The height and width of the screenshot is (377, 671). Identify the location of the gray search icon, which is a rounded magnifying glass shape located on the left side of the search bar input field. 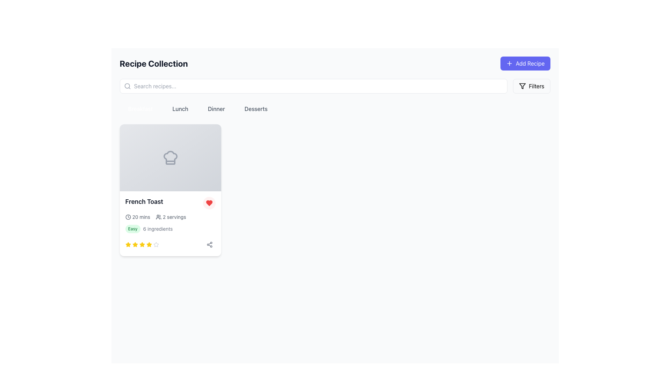
(127, 86).